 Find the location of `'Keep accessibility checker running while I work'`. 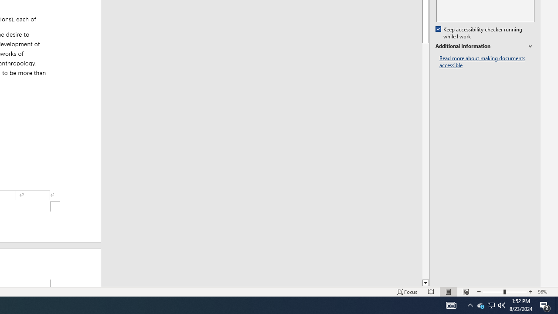

'Keep accessibility checker running while I work' is located at coordinates (479, 33).